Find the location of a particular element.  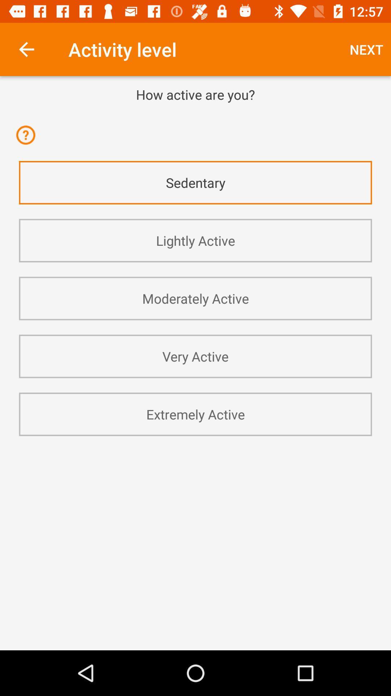

extremely active app is located at coordinates (195, 414).